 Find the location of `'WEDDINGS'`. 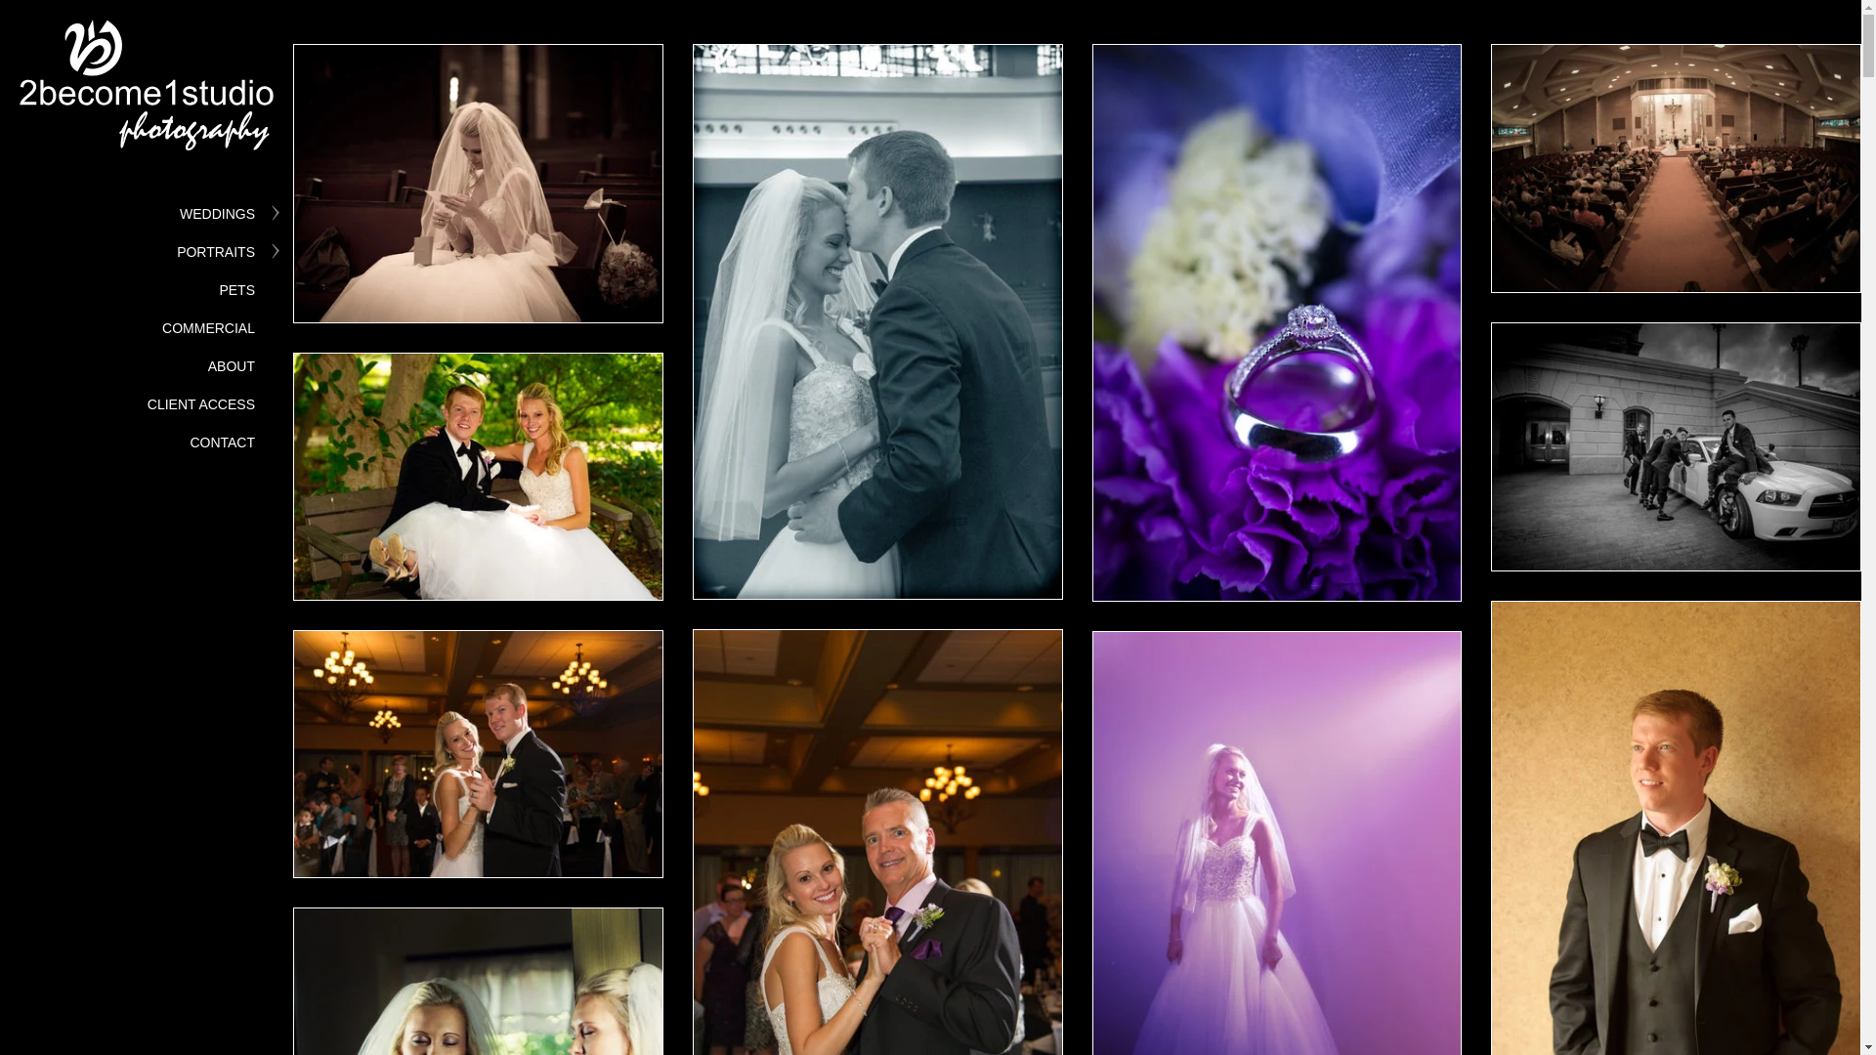

'WEDDINGS' is located at coordinates (217, 214).